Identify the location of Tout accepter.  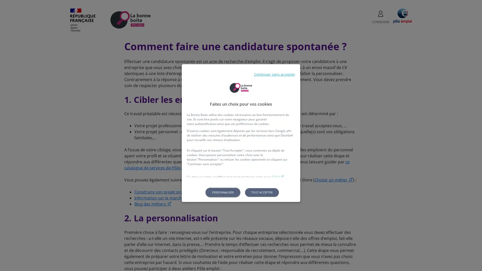
(261, 192).